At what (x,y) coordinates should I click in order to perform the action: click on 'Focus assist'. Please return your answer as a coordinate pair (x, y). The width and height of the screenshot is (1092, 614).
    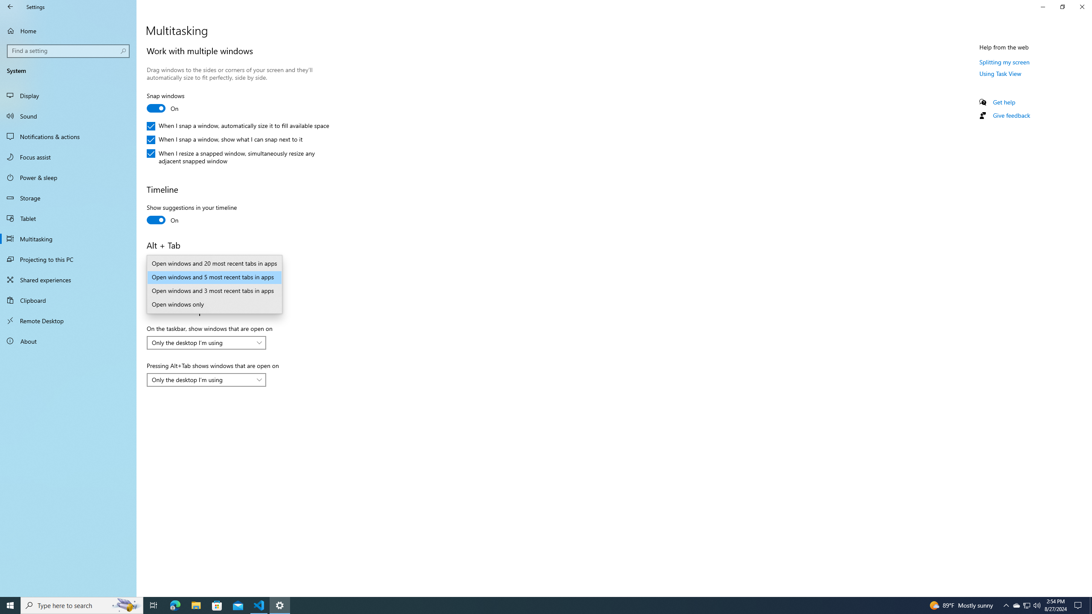
    Looking at the image, I should click on (68, 156).